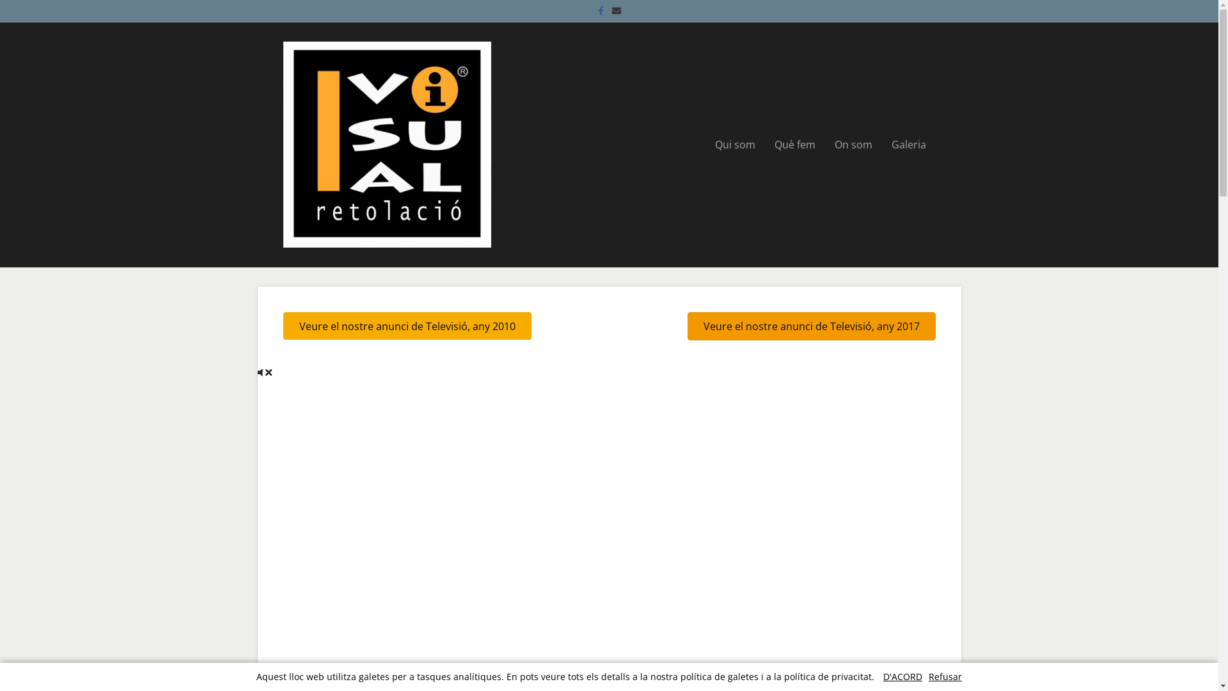 This screenshot has height=691, width=1228. I want to click on 'D'ACORD', so click(902, 676).